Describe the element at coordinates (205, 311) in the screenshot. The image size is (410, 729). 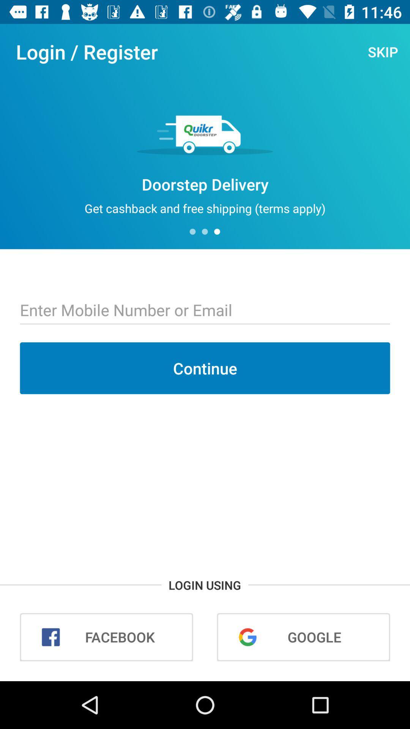
I see `mobile number or email` at that location.